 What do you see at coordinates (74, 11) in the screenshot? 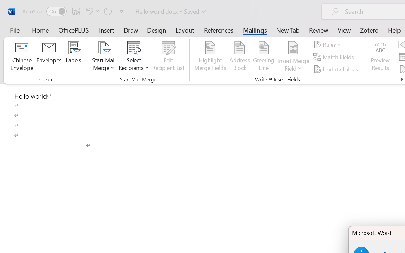
I see `'Quick Access Toolbar'` at bounding box center [74, 11].